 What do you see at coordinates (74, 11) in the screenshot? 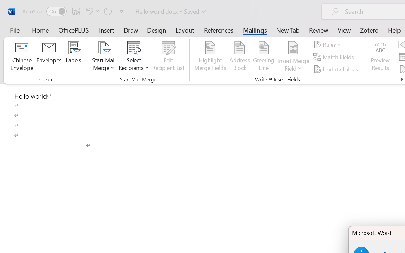
I see `'Quick Access Toolbar'` at bounding box center [74, 11].